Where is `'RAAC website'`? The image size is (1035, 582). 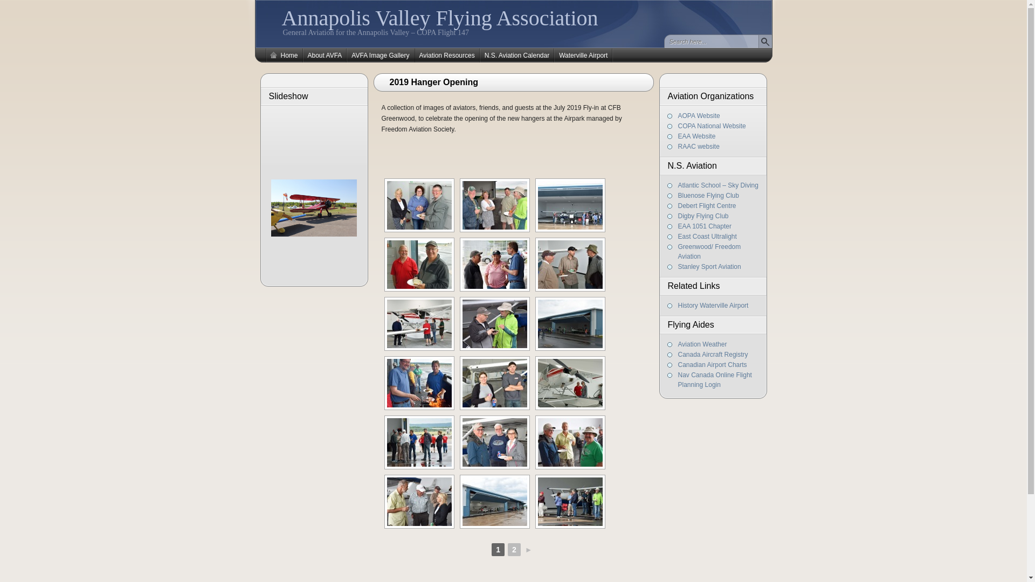
'RAAC website' is located at coordinates (699, 147).